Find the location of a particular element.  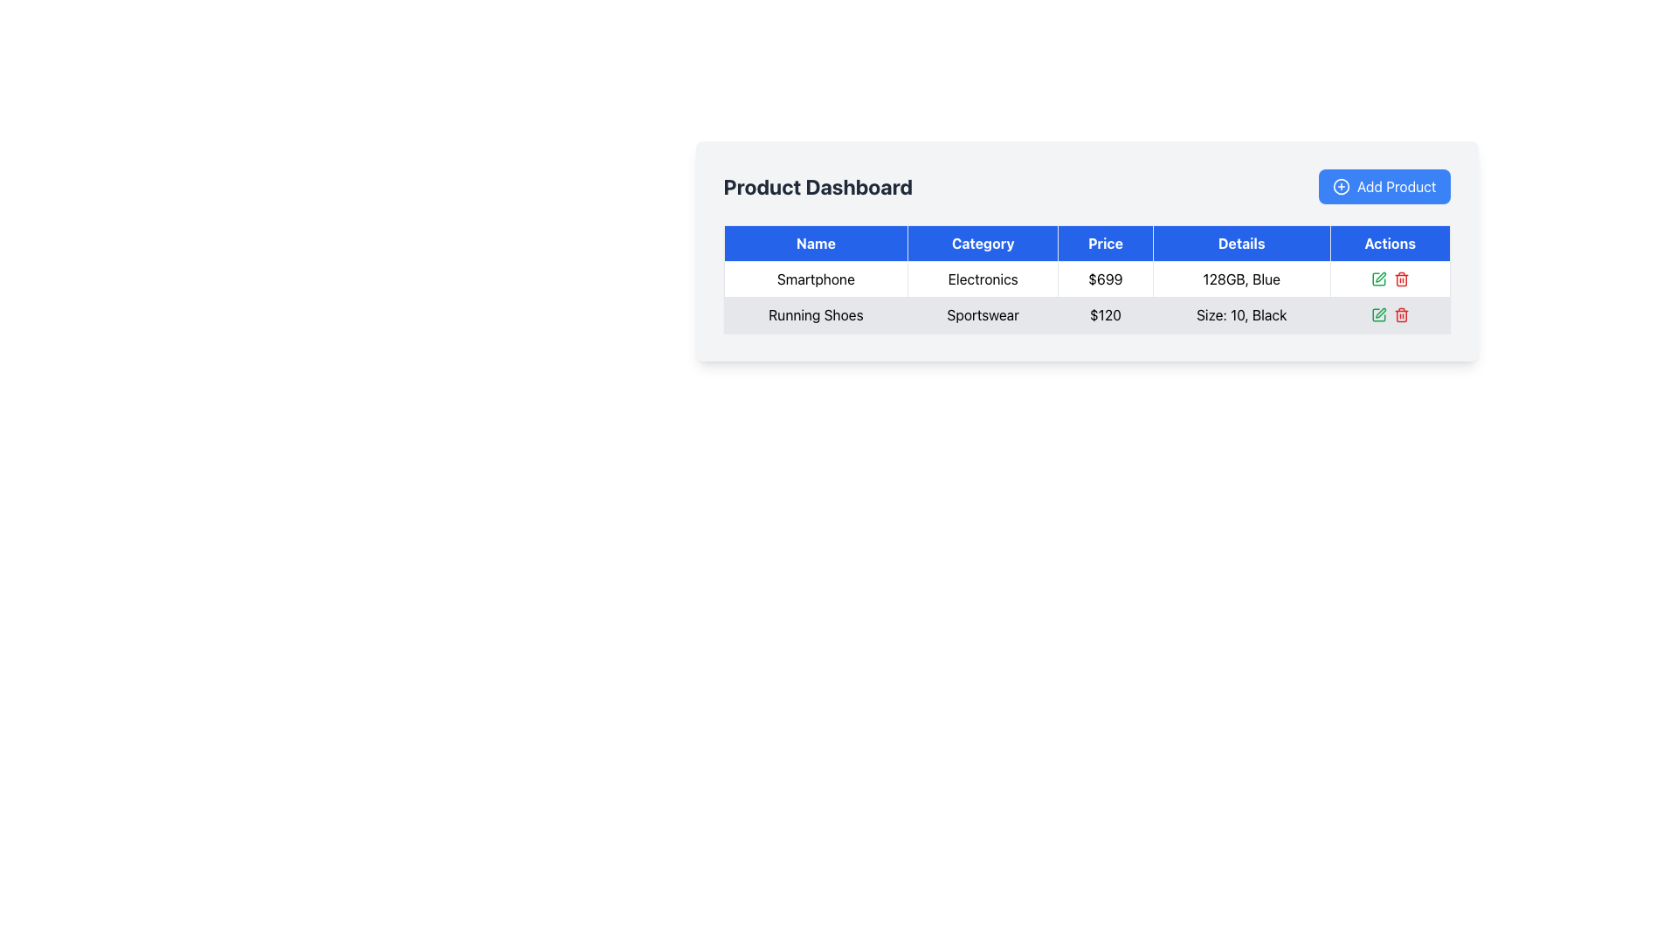

the red trash can icon located in the first row of the actions column of the table is located at coordinates (1401, 279).